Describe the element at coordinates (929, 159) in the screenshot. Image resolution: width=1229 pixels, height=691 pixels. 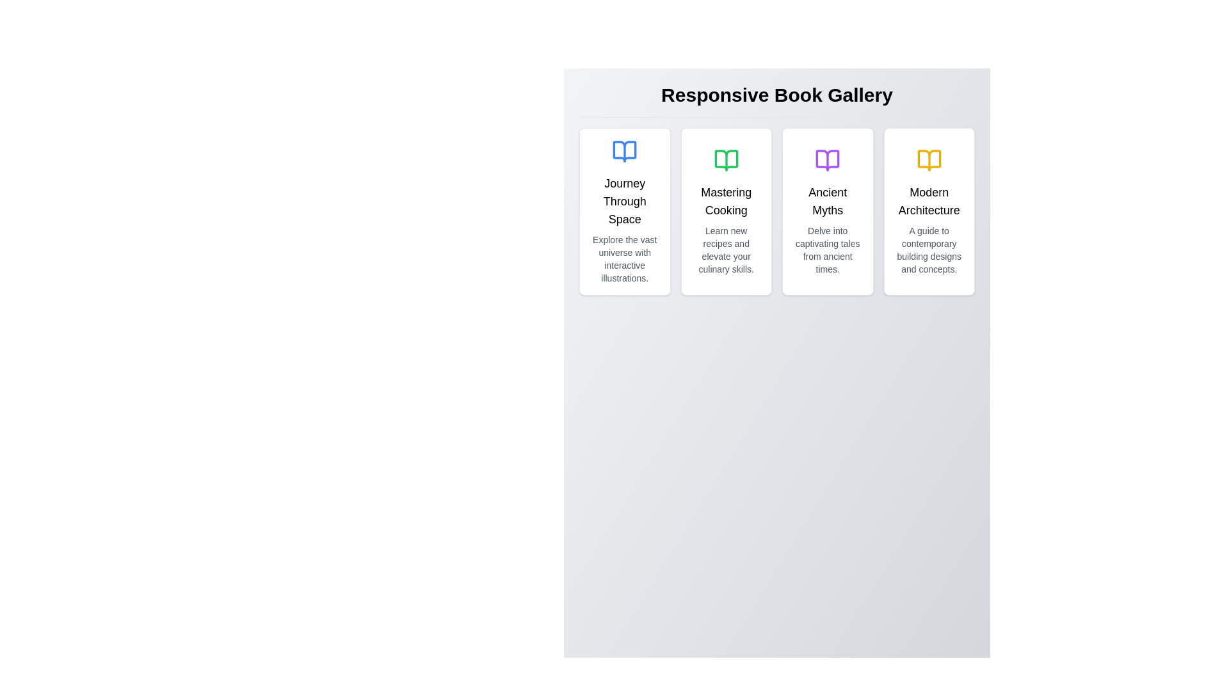
I see `the yellow open book icon located in the fourth card labeled 'Modern Architecture' in the card layout` at that location.